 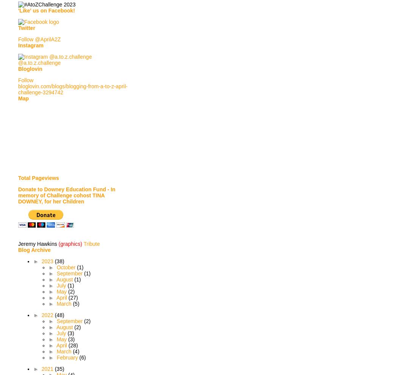 What do you see at coordinates (75, 303) in the screenshot?
I see `'(5)'` at bounding box center [75, 303].